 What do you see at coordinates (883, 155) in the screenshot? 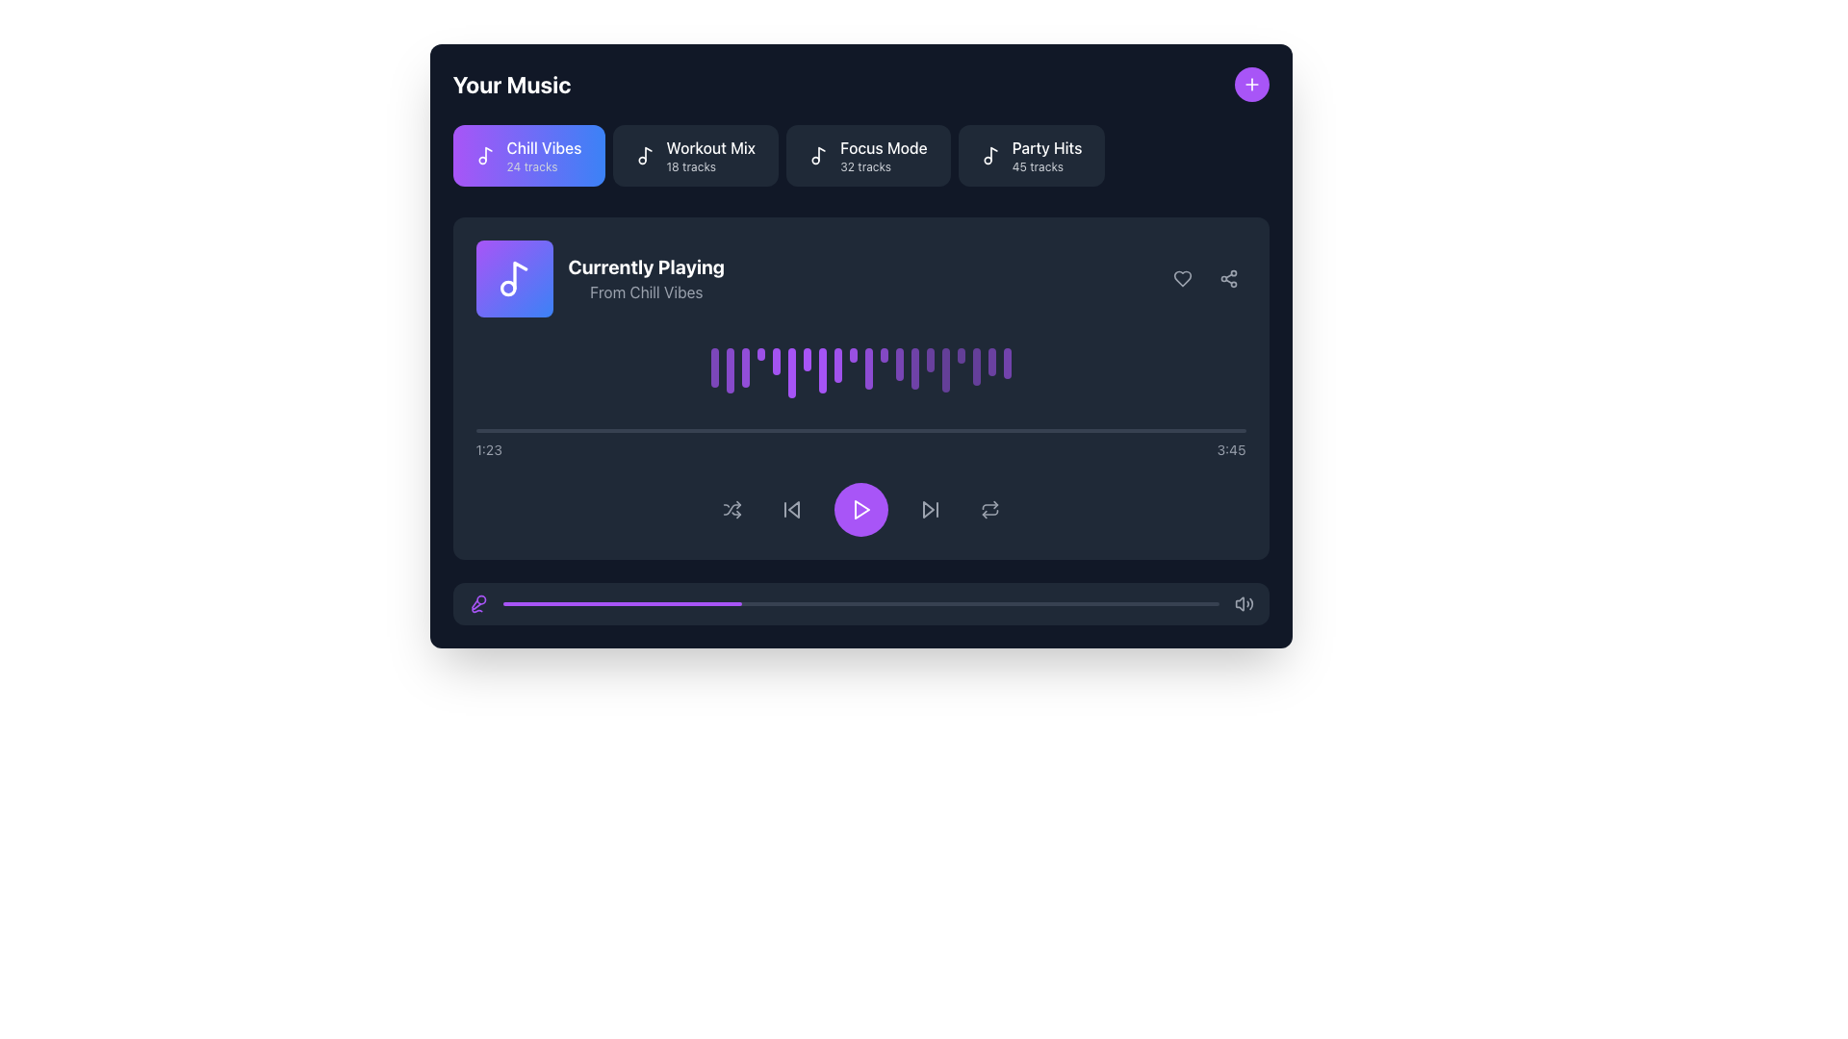
I see `the 'Focus Mode' playlist button, which displays 'Focus Mode' in bold white text and '32 tracks' in lighter gray text` at bounding box center [883, 155].